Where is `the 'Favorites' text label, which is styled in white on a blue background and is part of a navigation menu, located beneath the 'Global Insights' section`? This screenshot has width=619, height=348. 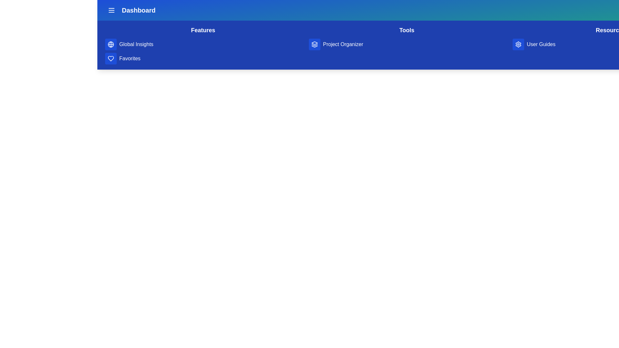 the 'Favorites' text label, which is styled in white on a blue background and is part of a navigation menu, located beneath the 'Global Insights' section is located at coordinates (129, 58).